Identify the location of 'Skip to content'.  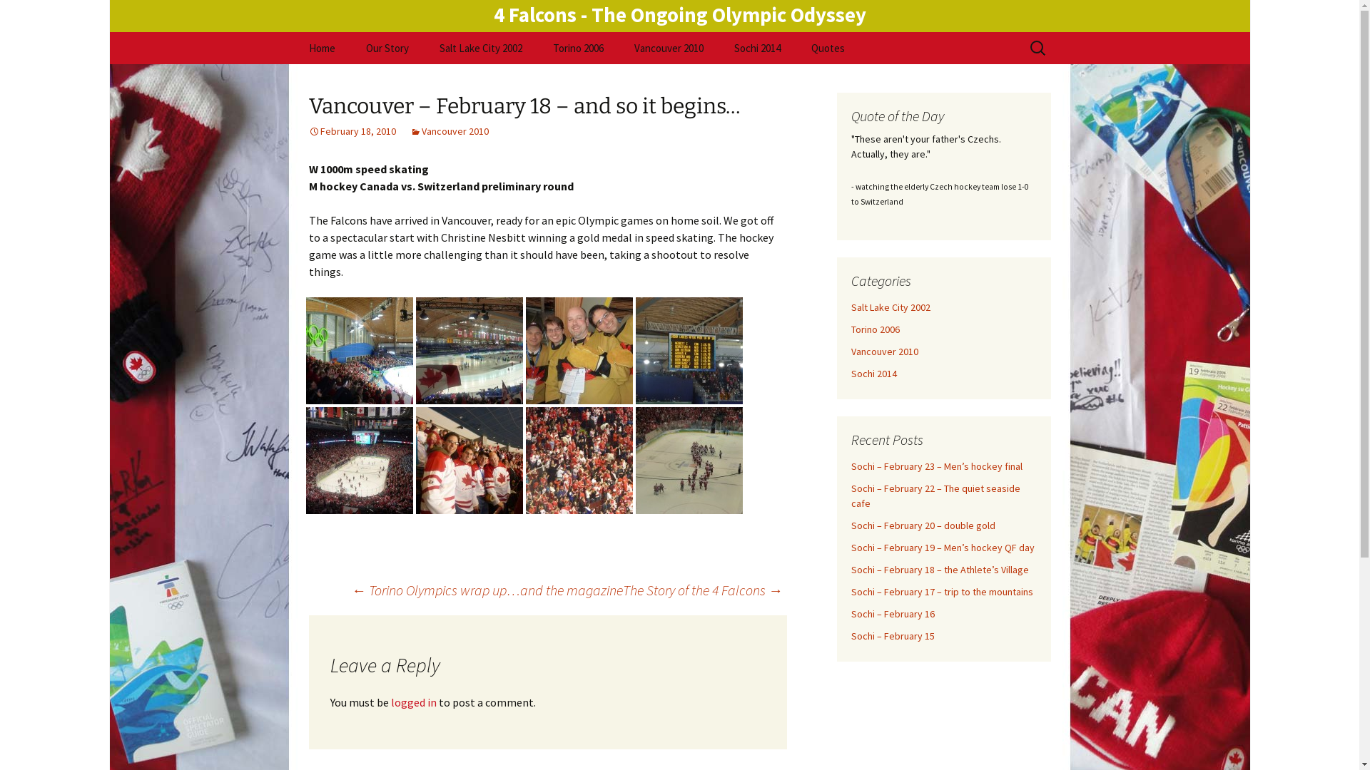
(293, 31).